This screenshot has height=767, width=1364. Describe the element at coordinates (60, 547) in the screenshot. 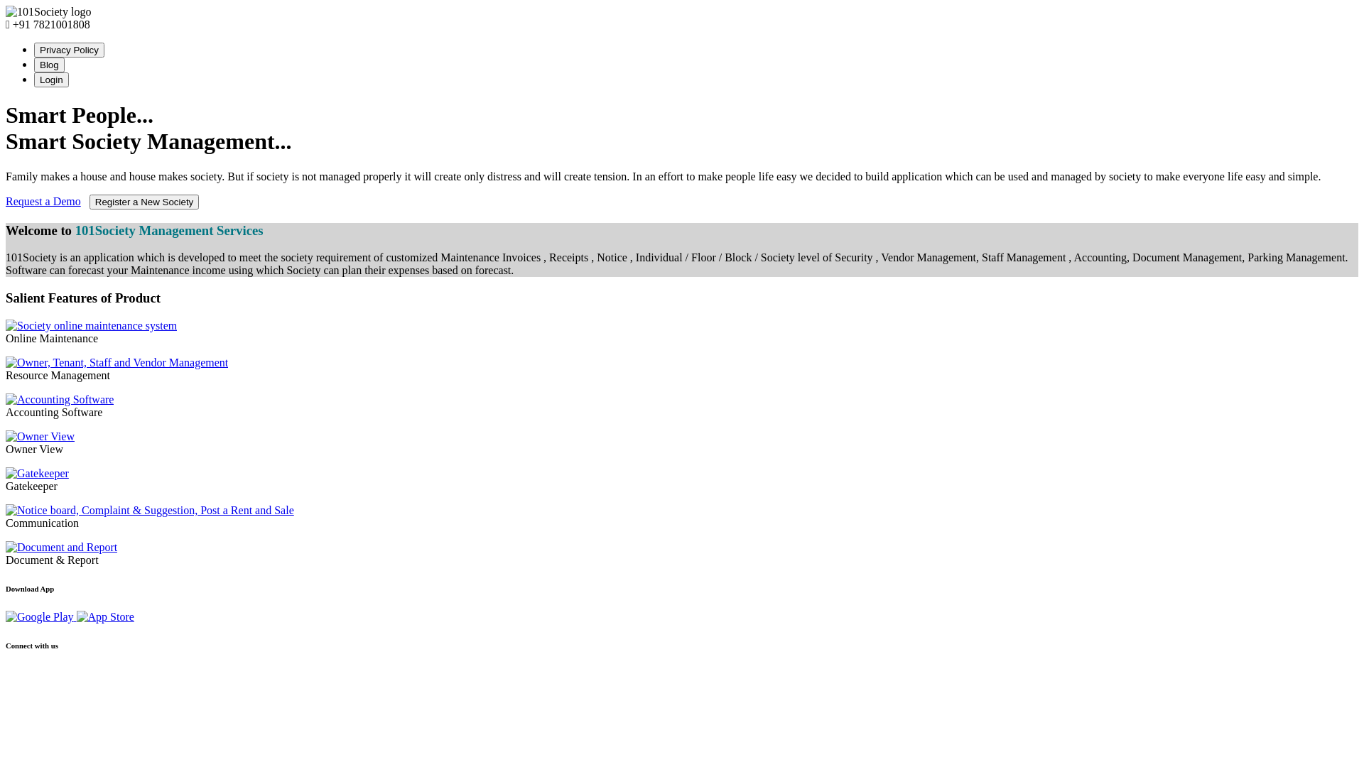

I see `'Document and Report'` at that location.